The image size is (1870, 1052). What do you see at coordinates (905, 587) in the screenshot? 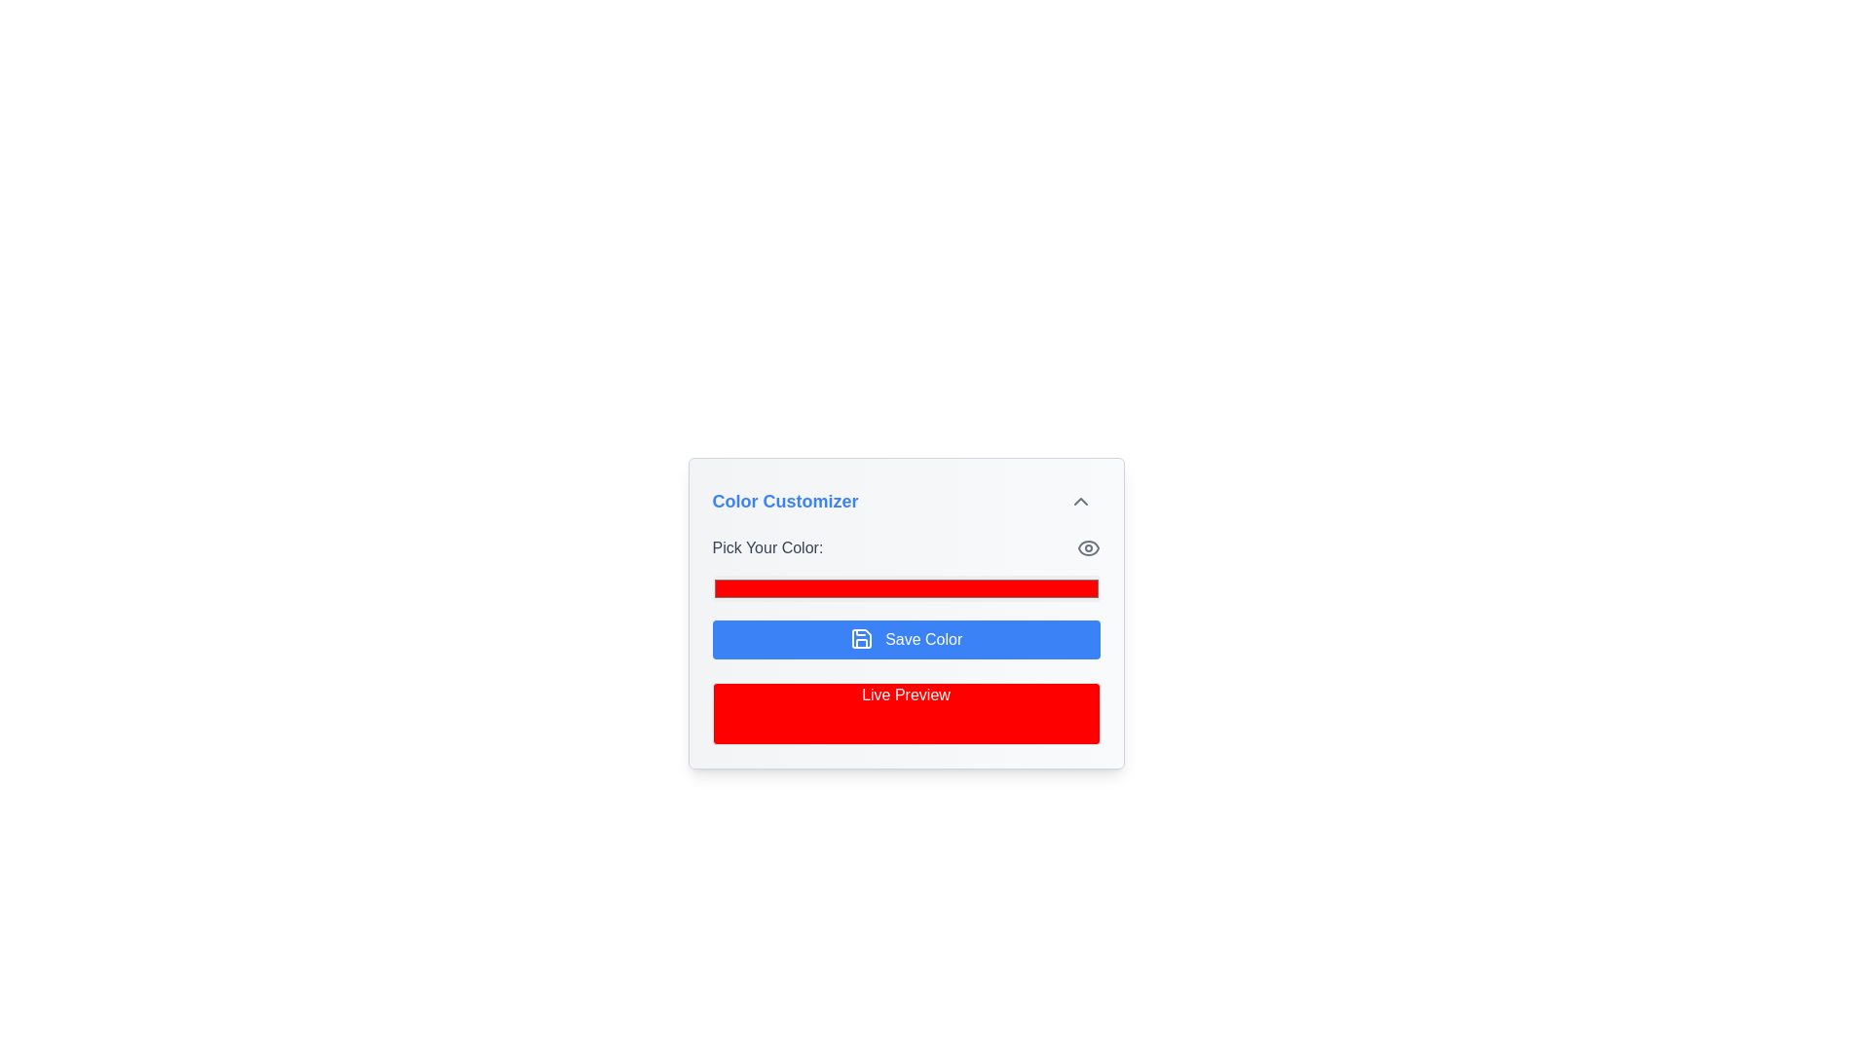
I see `the Color Picker Input Field located below the 'Pick Your Color:' label` at bounding box center [905, 587].